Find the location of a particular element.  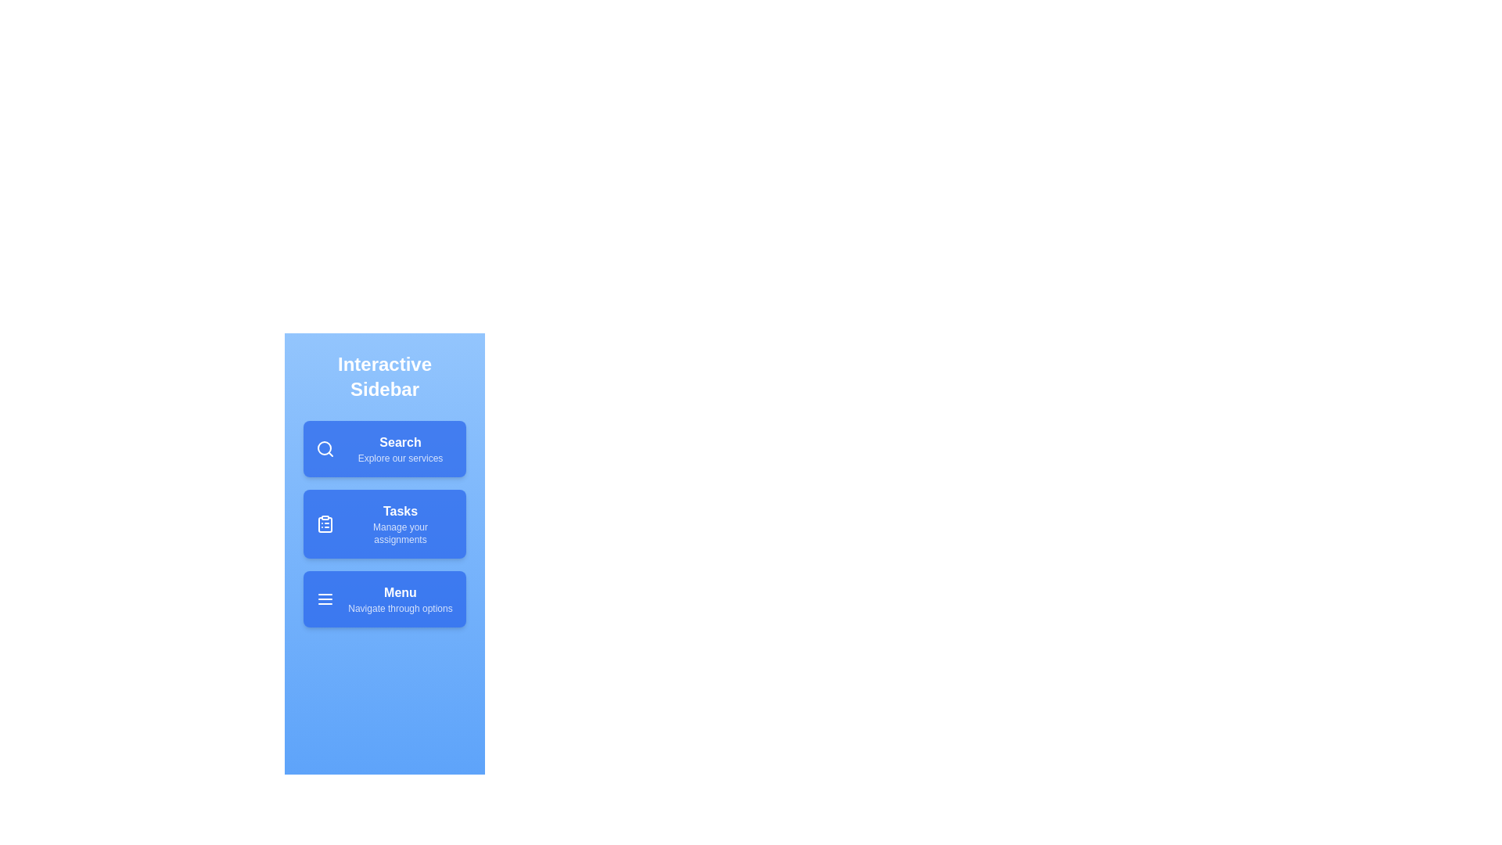

the menu item Menu to see the hover effect is located at coordinates (384, 599).